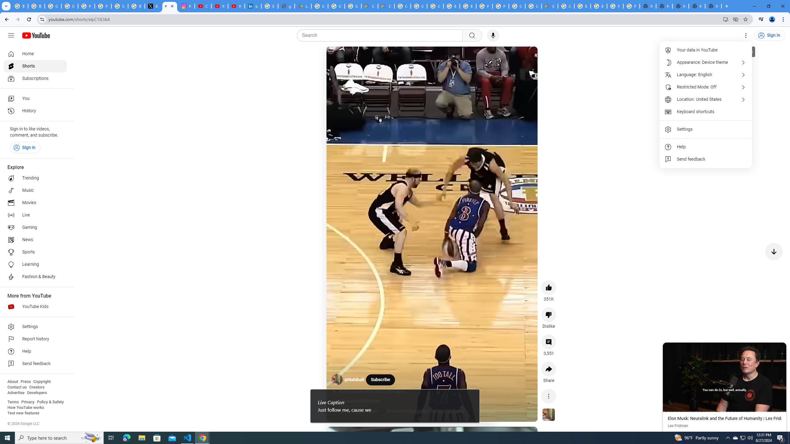 The height and width of the screenshot is (444, 790). Describe the element at coordinates (548, 287) in the screenshot. I see `'like this video along with 351K other people'` at that location.